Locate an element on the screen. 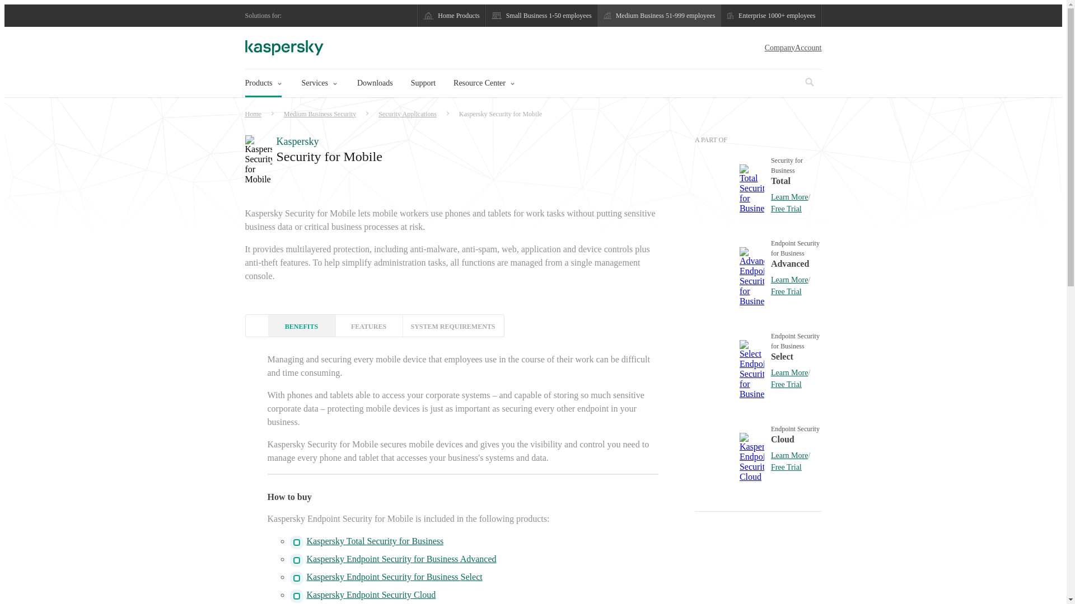 This screenshot has height=604, width=1075. 'Products' is located at coordinates (263, 83).